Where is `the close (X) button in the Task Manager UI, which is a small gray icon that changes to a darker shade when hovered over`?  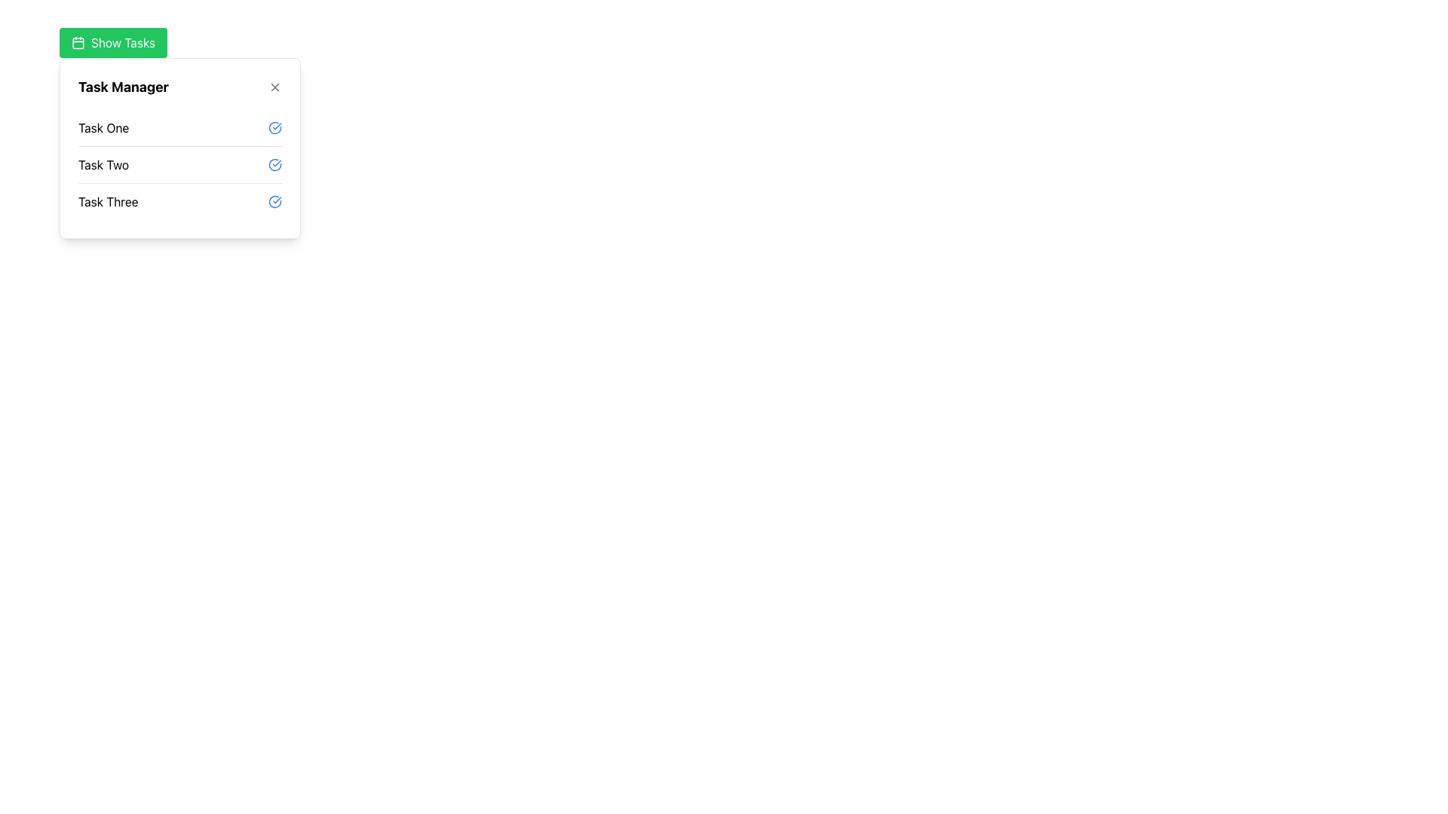 the close (X) button in the Task Manager UI, which is a small gray icon that changes to a darker shade when hovered over is located at coordinates (275, 87).